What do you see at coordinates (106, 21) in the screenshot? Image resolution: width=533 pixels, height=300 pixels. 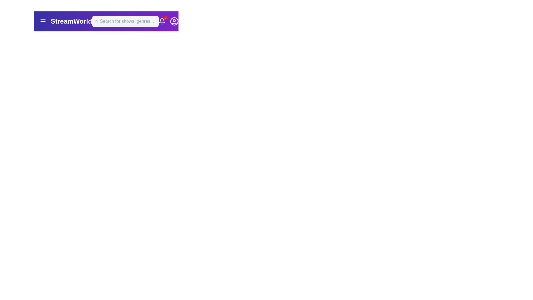 I see `the search bar with the placeholder text 'Search for shows, genres...'` at bounding box center [106, 21].